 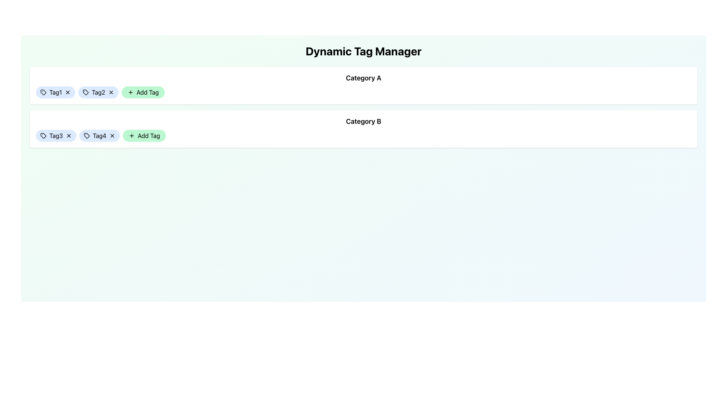 What do you see at coordinates (69, 135) in the screenshot?
I see `the close icon ('X') located at the far-right end of the tag labeled 'Tag3' in the second row of tags under 'Category B'` at bounding box center [69, 135].